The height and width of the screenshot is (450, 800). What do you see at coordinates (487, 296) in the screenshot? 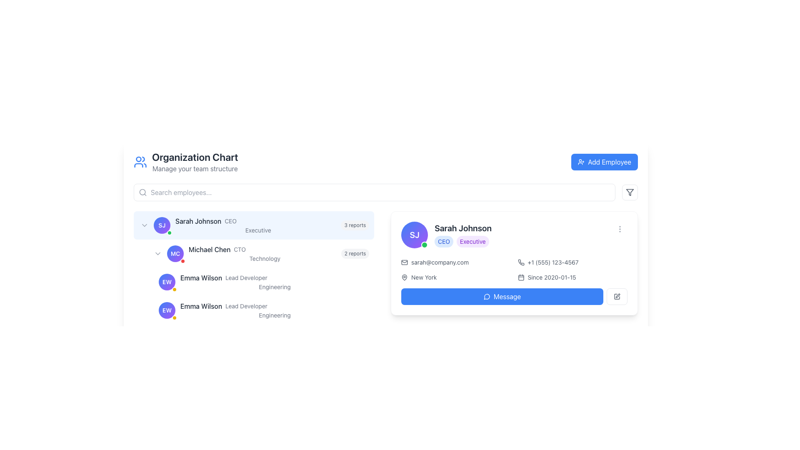
I see `the 'Message' button which contains a decorative circular icon resembling a message or chat bubble, located in the bottom section of the user profile card` at bounding box center [487, 296].